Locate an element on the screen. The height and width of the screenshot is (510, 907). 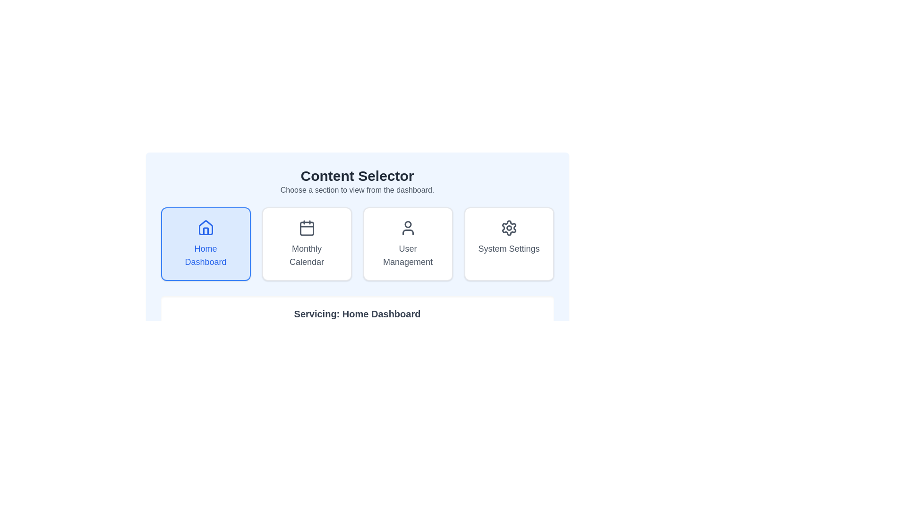
label describing the 'Monthly Calendar' feature located at the center bottom of the second card under the 'Content Selector' header is located at coordinates (307, 255).